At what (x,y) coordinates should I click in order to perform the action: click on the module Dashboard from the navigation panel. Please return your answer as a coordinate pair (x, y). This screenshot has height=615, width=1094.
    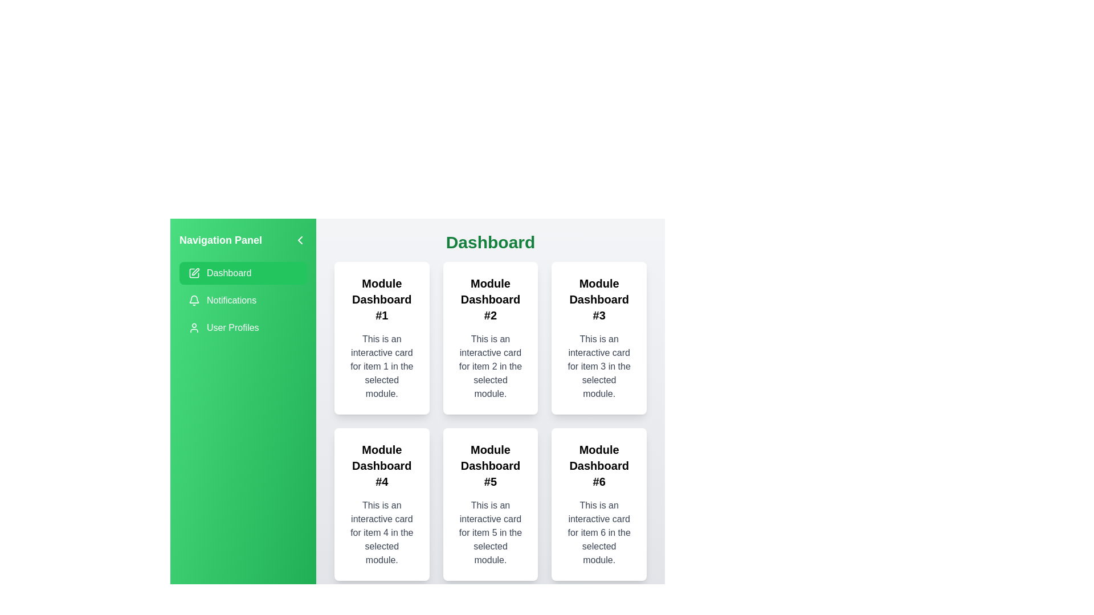
    Looking at the image, I should click on (243, 273).